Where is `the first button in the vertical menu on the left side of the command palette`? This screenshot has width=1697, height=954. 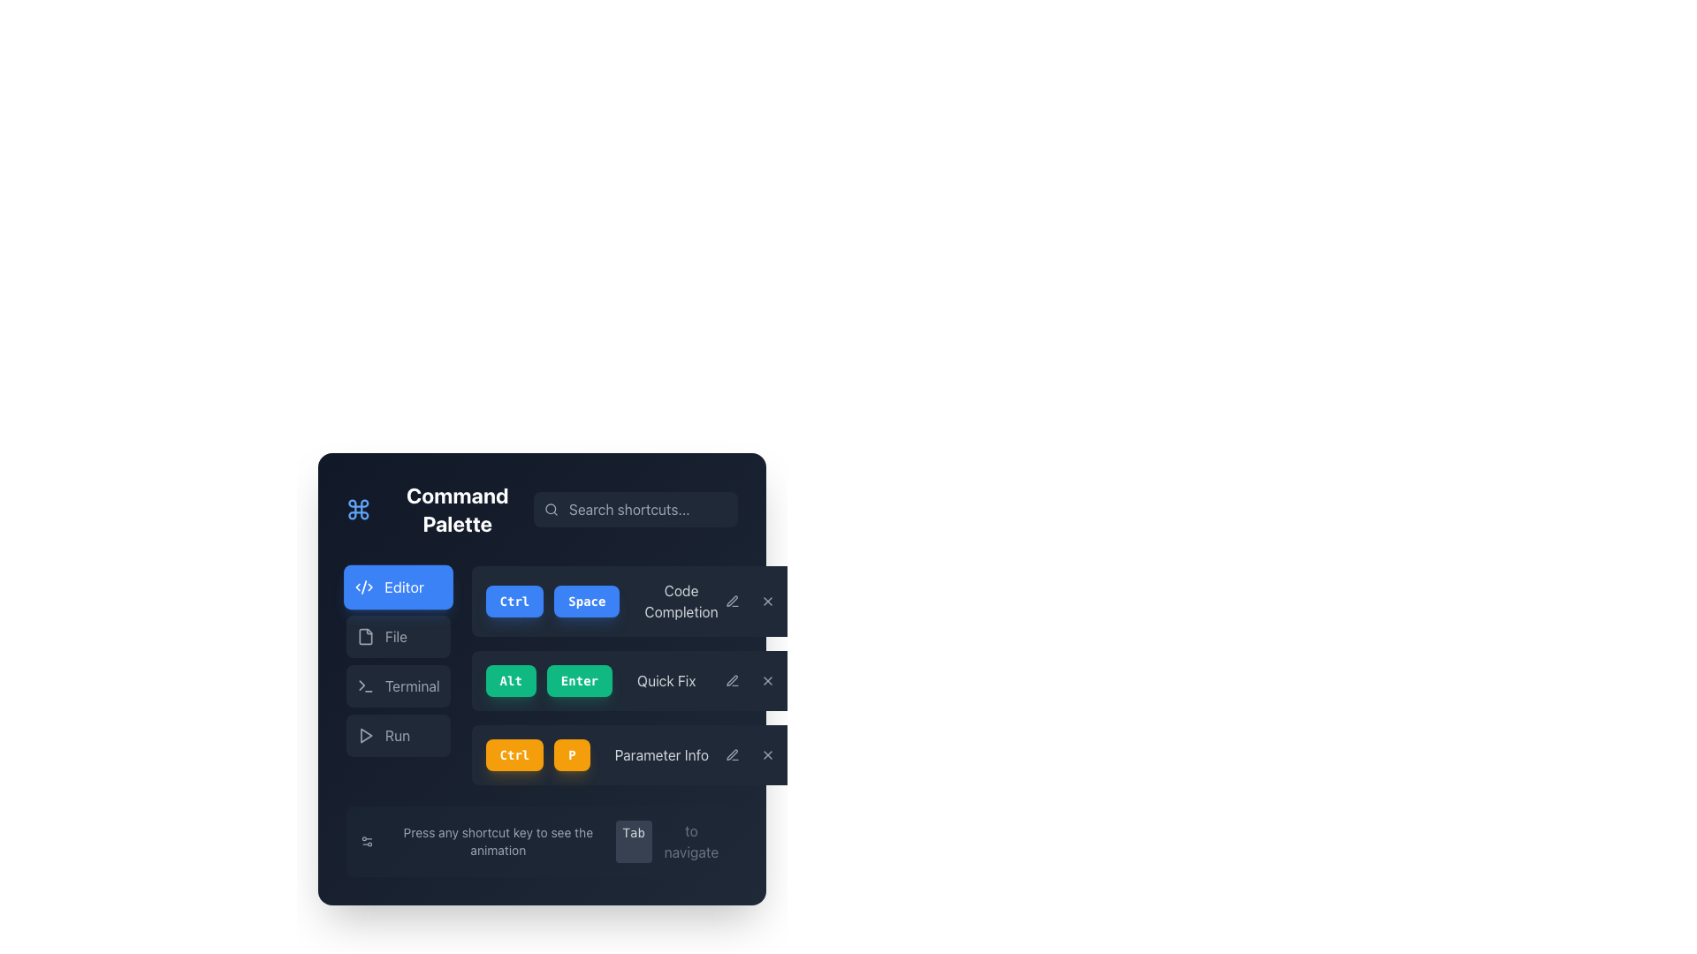
the first button in the vertical menu on the left side of the command palette is located at coordinates (397, 587).